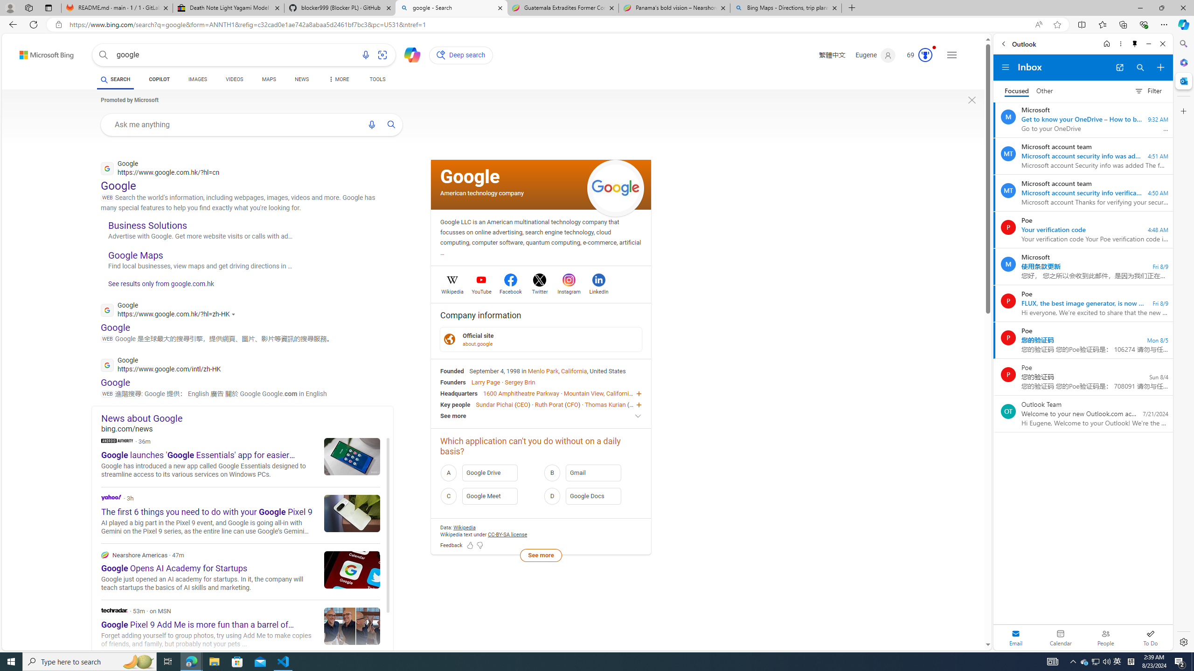  I want to click on 'Split screen', so click(1082, 24).